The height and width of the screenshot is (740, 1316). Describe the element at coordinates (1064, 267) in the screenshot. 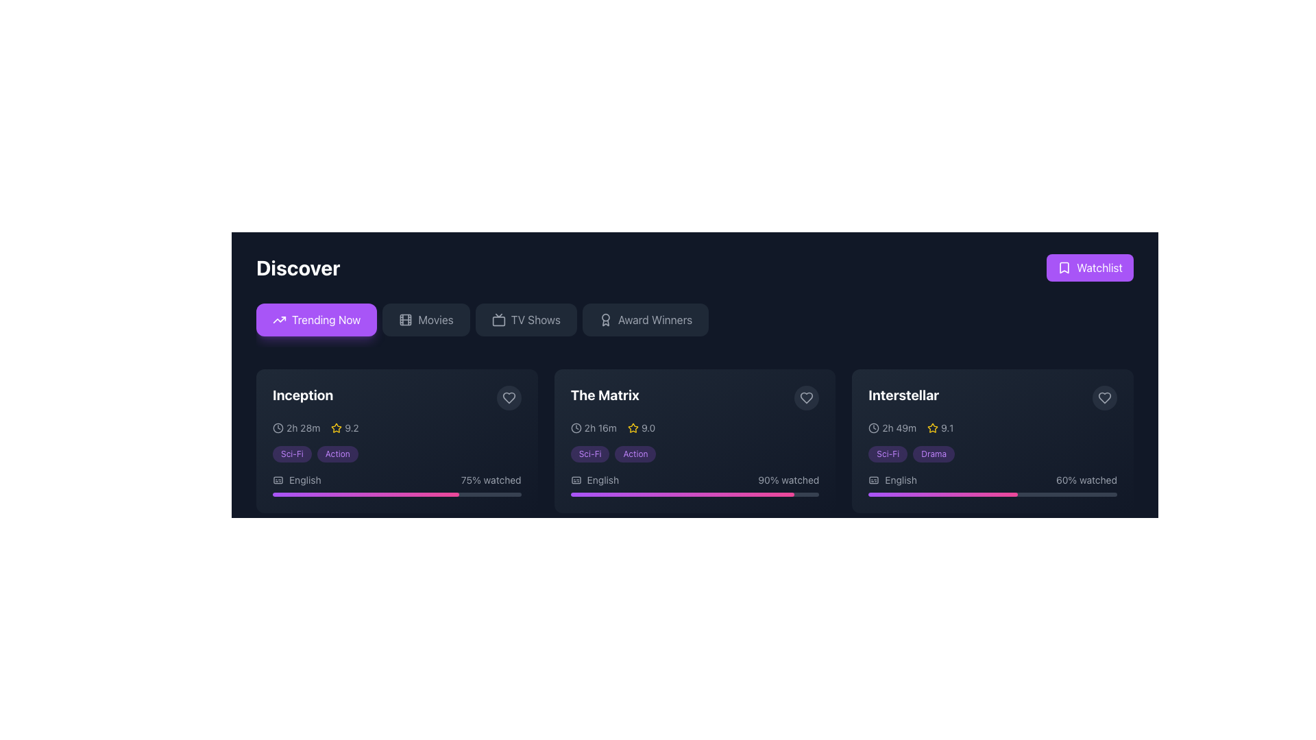

I see `the bookmark icon located at the top-right corner of the interface, adjacent` at that location.